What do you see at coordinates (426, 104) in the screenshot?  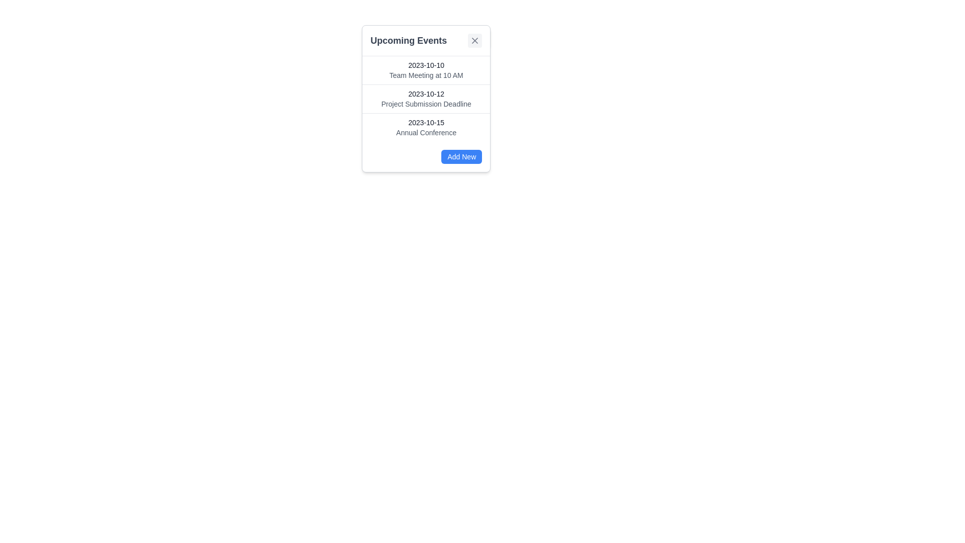 I see `the text label stating 'Project Submission Deadline', which is styled in a smaller gray font and located below the date '2023-10-12' in the 'Upcoming Events' panel` at bounding box center [426, 104].